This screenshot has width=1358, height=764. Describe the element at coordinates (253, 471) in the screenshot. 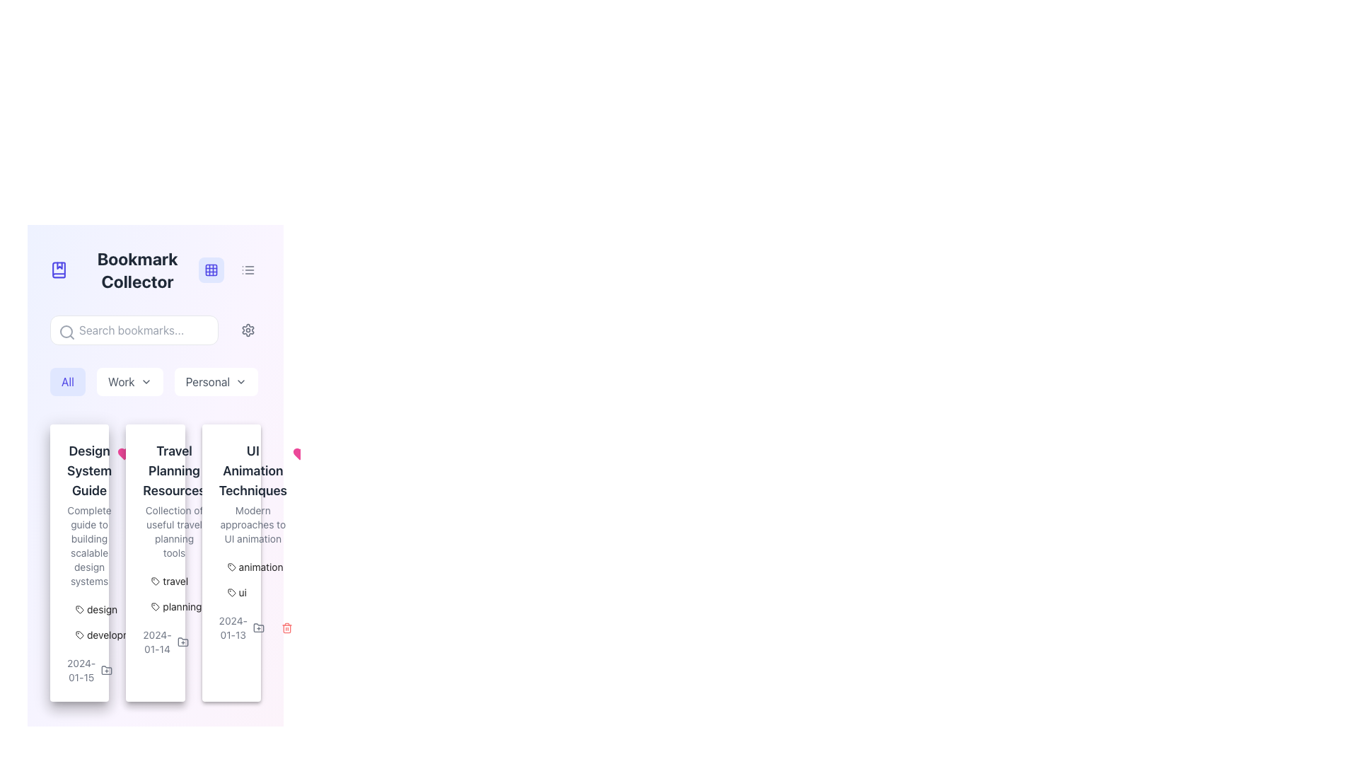

I see `text label displaying 'UI Animation Techniques' in bold at the top of the third card in the horizontally scrolling list` at that location.